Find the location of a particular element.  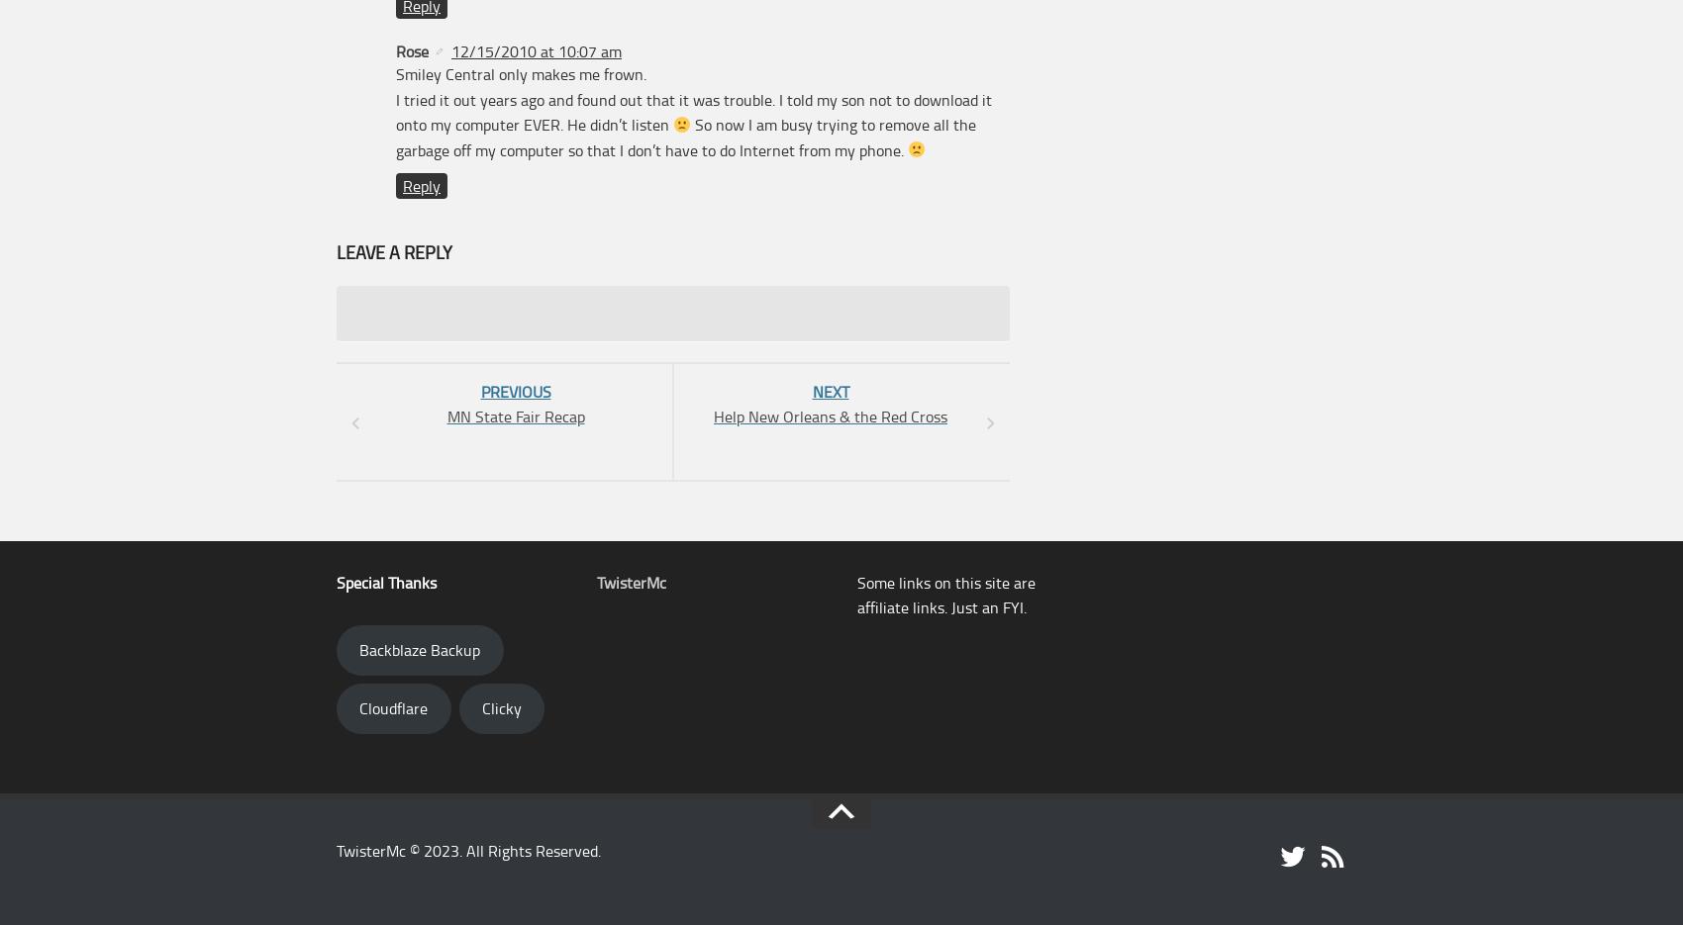

'Smiley Central only makes me frown.' is located at coordinates (395, 73).